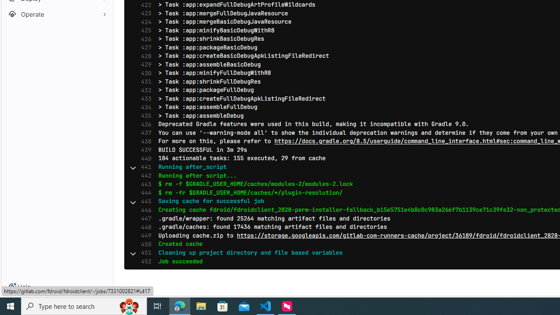  Describe the element at coordinates (144, 235) in the screenshot. I see `'449'` at that location.